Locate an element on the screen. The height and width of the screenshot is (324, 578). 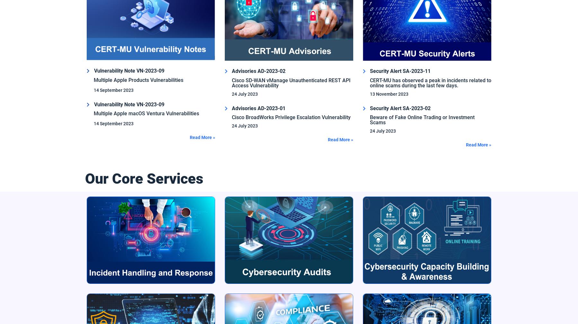
'Tik tok' is located at coordinates (92, 243).